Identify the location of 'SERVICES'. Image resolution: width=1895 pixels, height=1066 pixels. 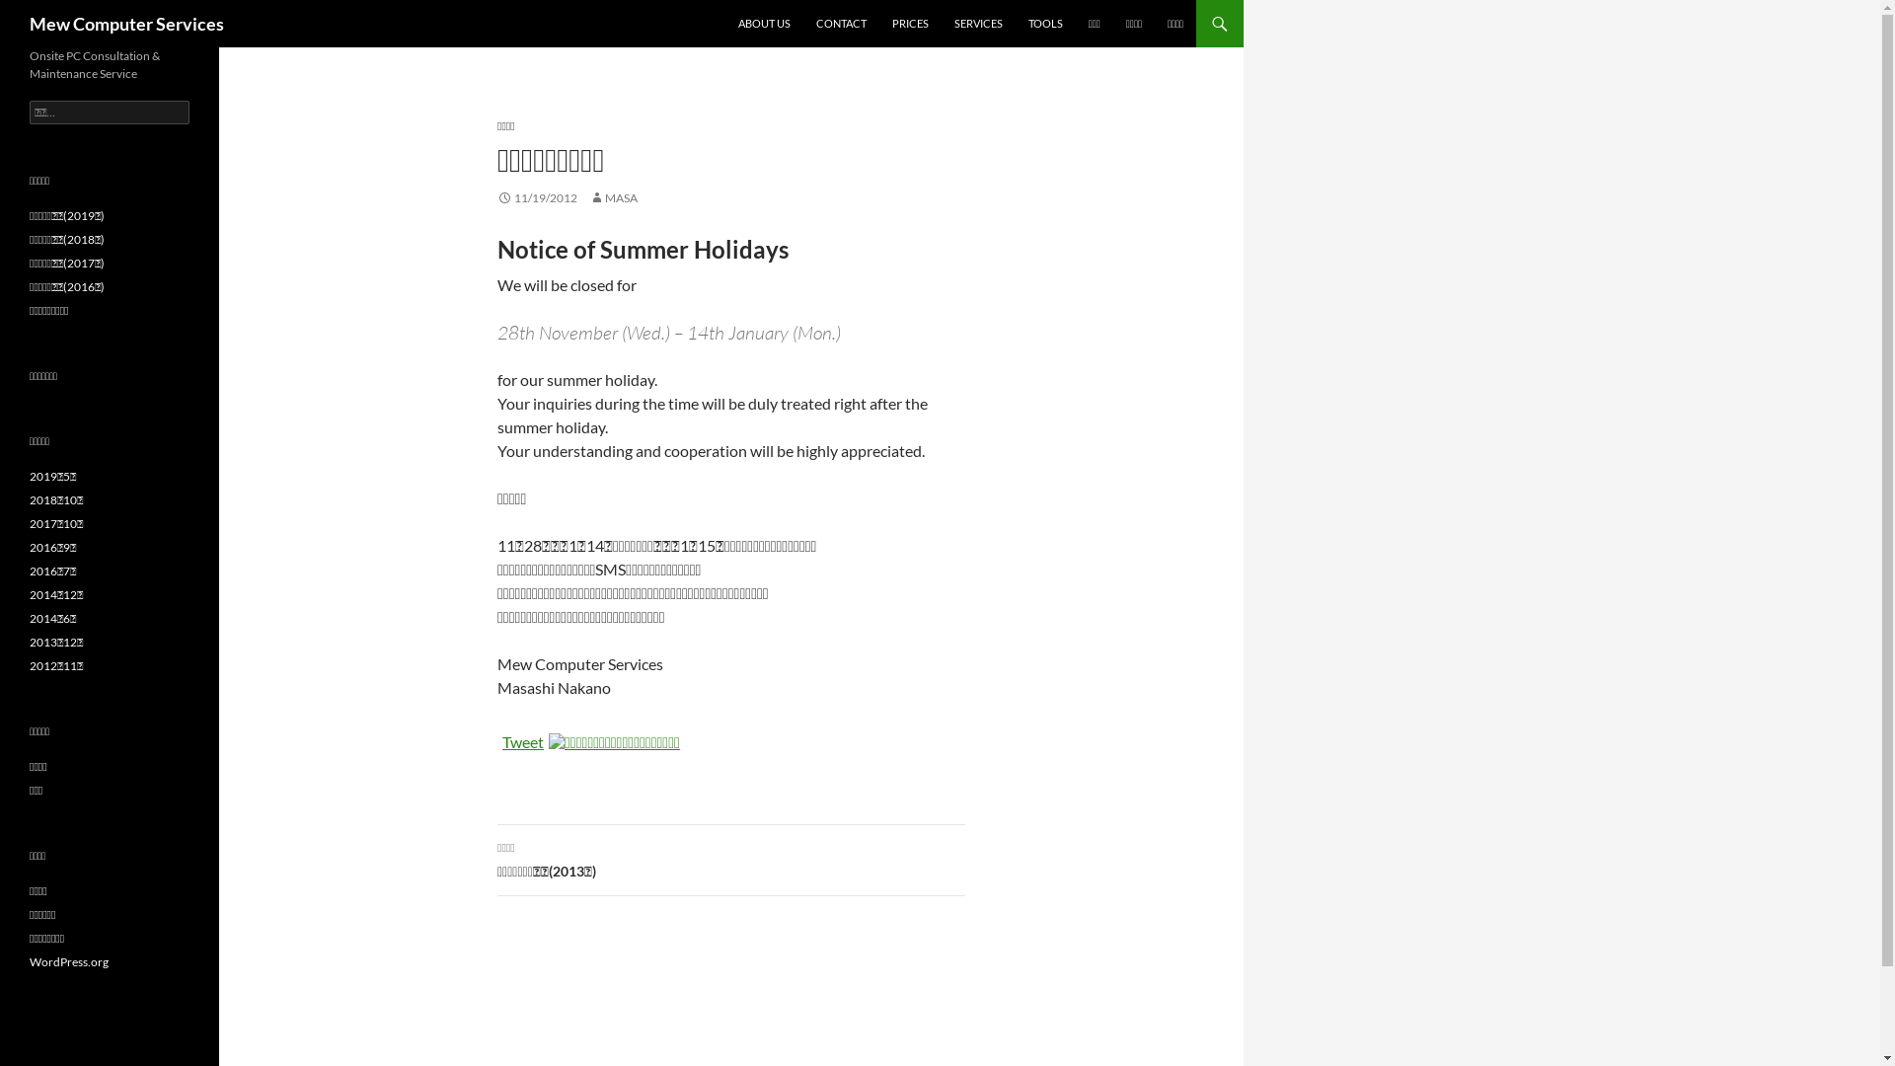
(978, 23).